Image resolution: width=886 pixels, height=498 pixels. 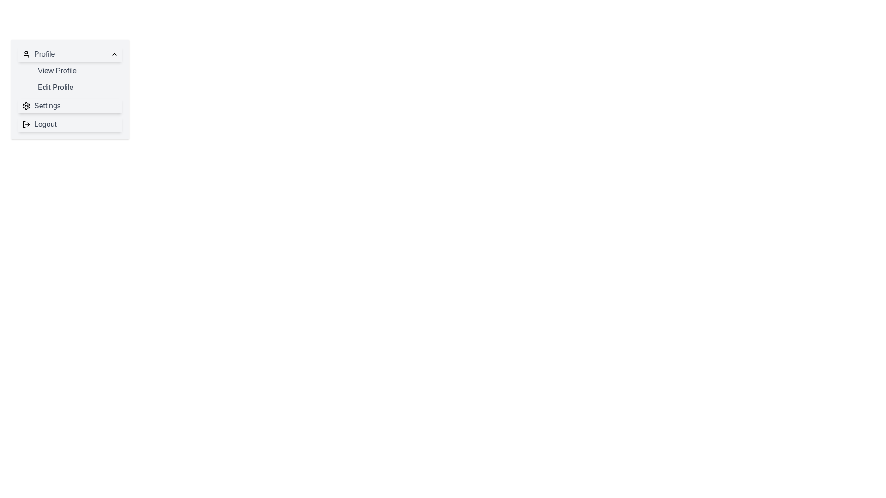 What do you see at coordinates (26, 106) in the screenshot?
I see `the gear icon located to the left of the 'Settings' text within the vertical menu under the 'Profile' section` at bounding box center [26, 106].